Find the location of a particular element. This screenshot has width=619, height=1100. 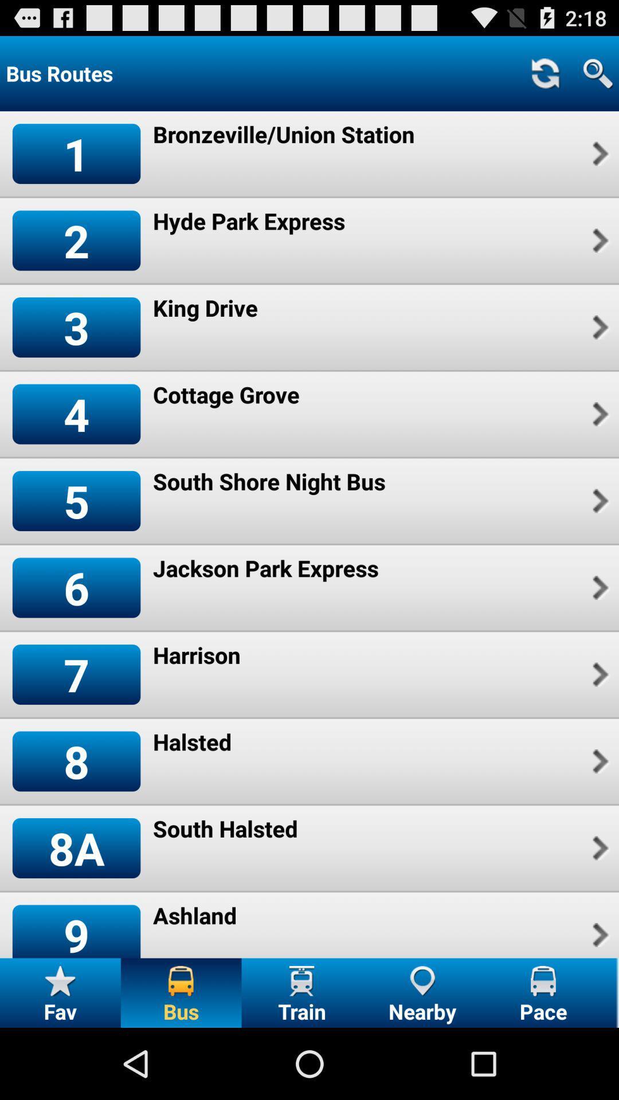

bronzeville/union station icon is located at coordinates (284, 134).